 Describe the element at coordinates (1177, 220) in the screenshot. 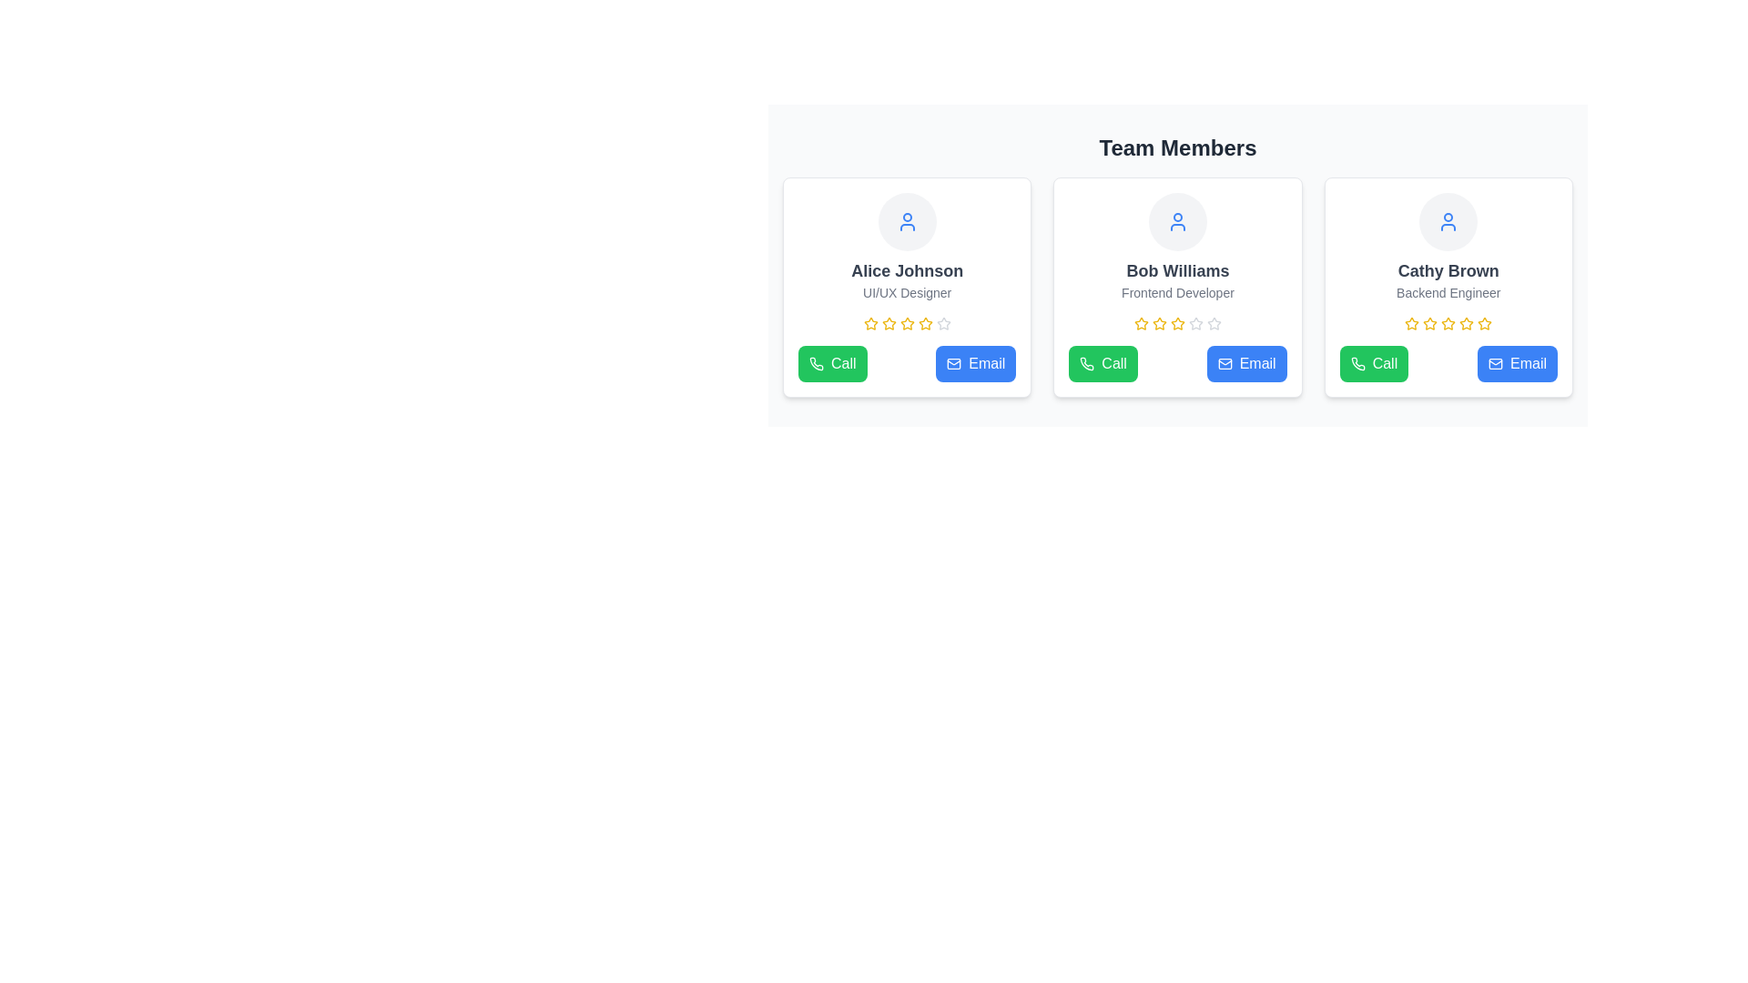

I see `the user profile image icon located in the middle card above the name 'Bob Williams', which is centered within a circular light gray area` at that location.